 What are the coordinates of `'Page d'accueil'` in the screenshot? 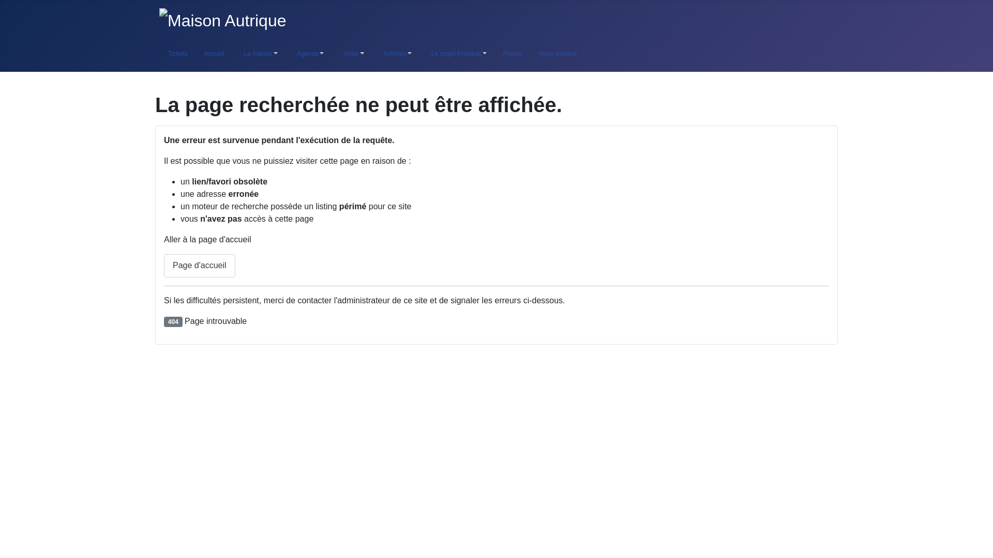 It's located at (199, 265).